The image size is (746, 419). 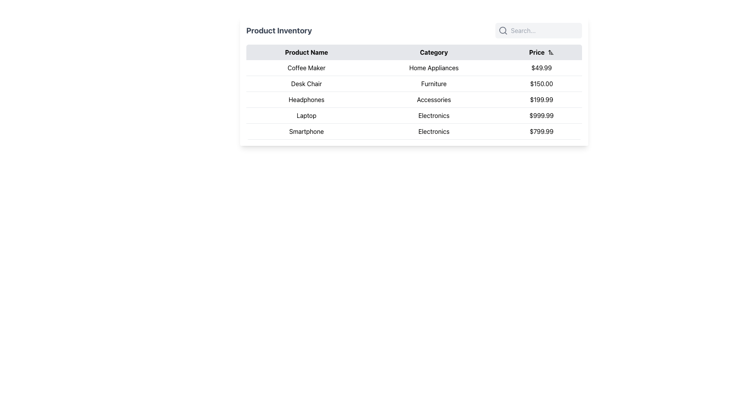 What do you see at coordinates (433, 115) in the screenshot?
I see `the text label displaying 'Electronics' in black font, located in the second column titled 'Category' of the product inventory table, under the row for 'Laptop'` at bounding box center [433, 115].